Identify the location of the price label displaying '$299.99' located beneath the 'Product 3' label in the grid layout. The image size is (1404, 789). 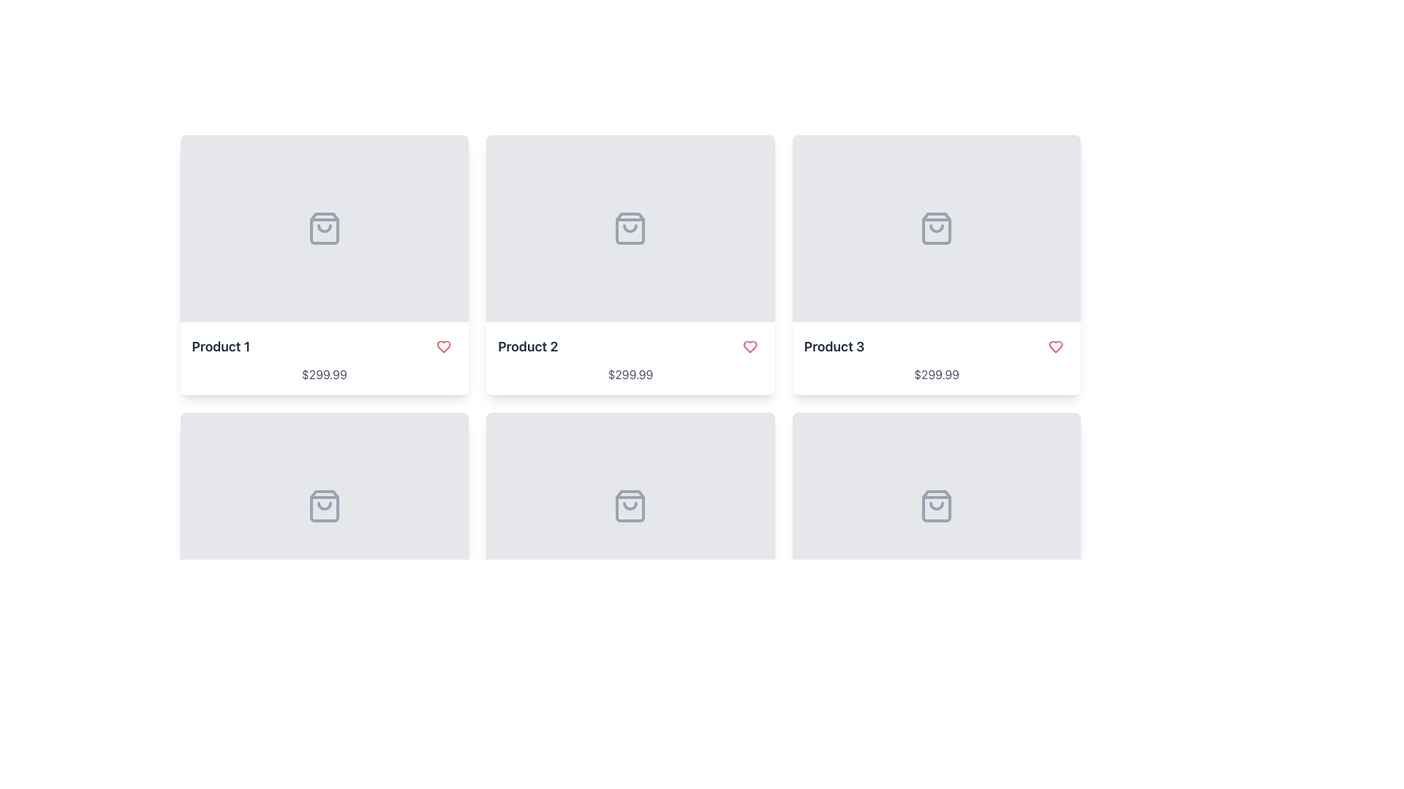
(937, 374).